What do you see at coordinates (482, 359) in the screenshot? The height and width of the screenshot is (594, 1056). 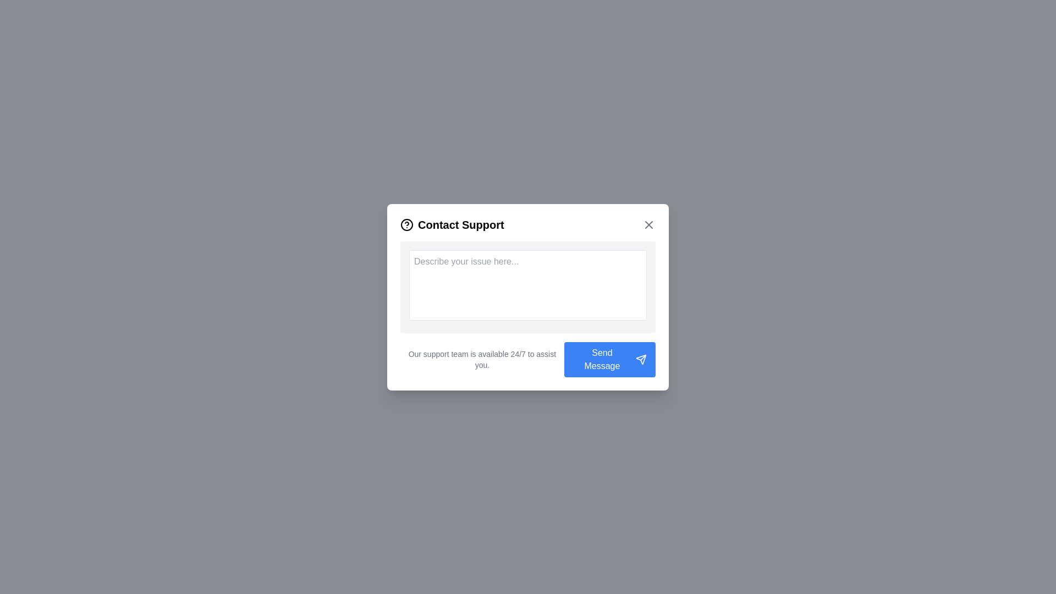 I see `text block that contains the statement 'Our support team is available 24/7 to assist you.' which is styled in small gray font and located below the input field in the 'Contact Support' dialog` at bounding box center [482, 359].